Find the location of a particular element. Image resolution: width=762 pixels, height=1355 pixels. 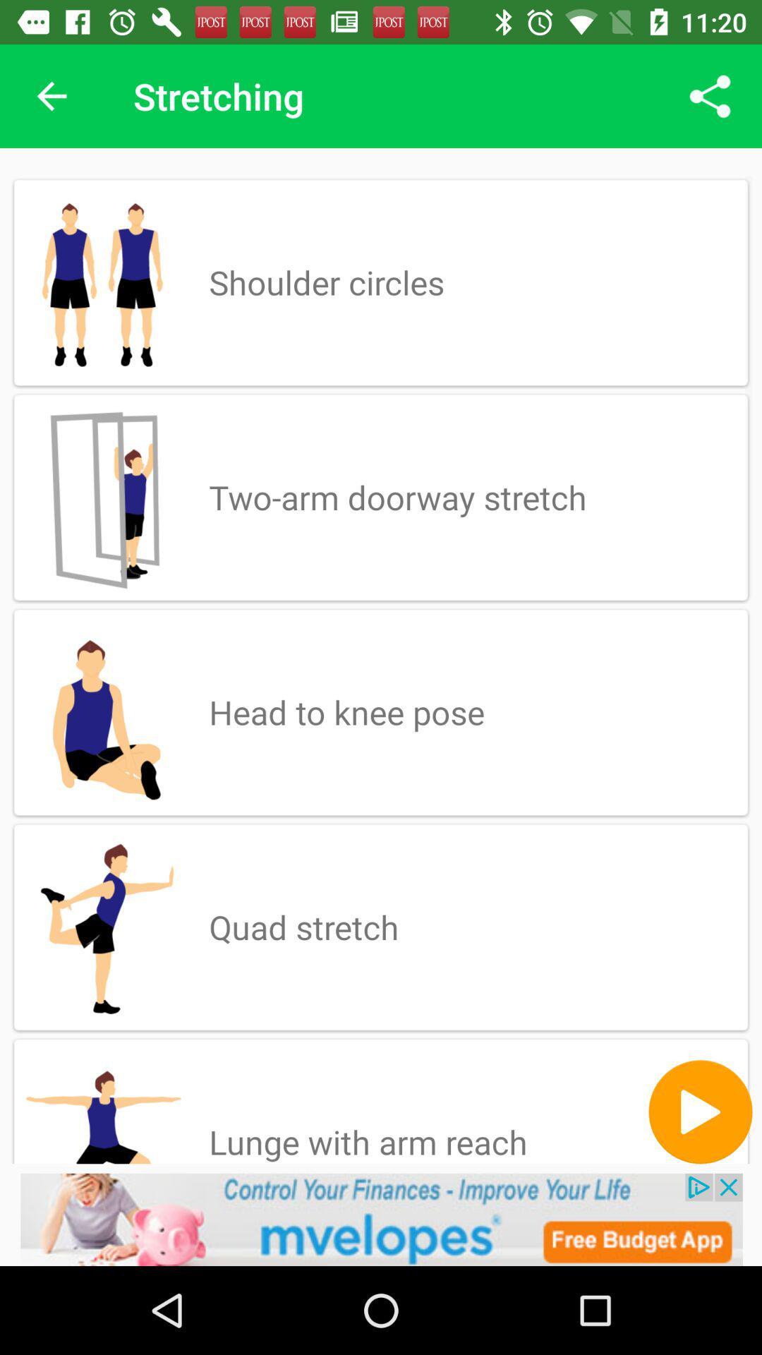

play is located at coordinates (700, 1111).